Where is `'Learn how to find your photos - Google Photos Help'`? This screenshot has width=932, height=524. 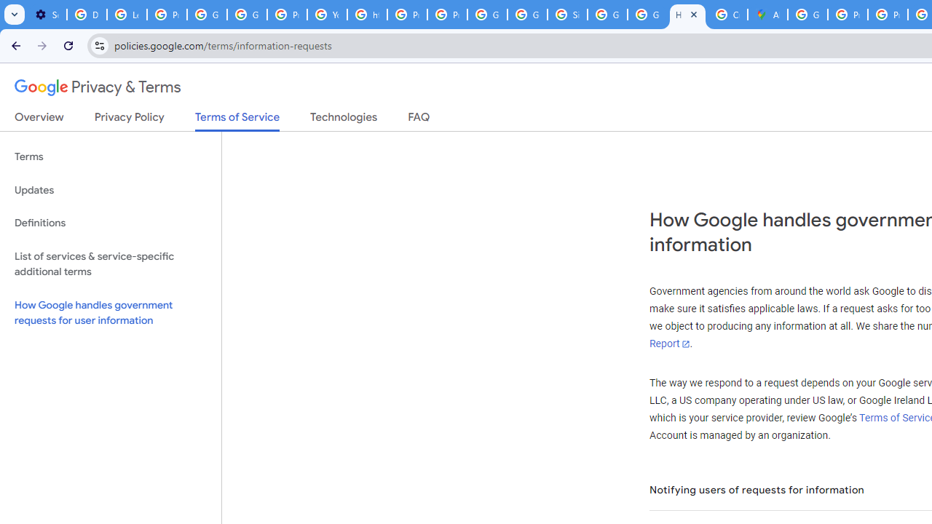
'Learn how to find your photos - Google Photos Help' is located at coordinates (127, 15).